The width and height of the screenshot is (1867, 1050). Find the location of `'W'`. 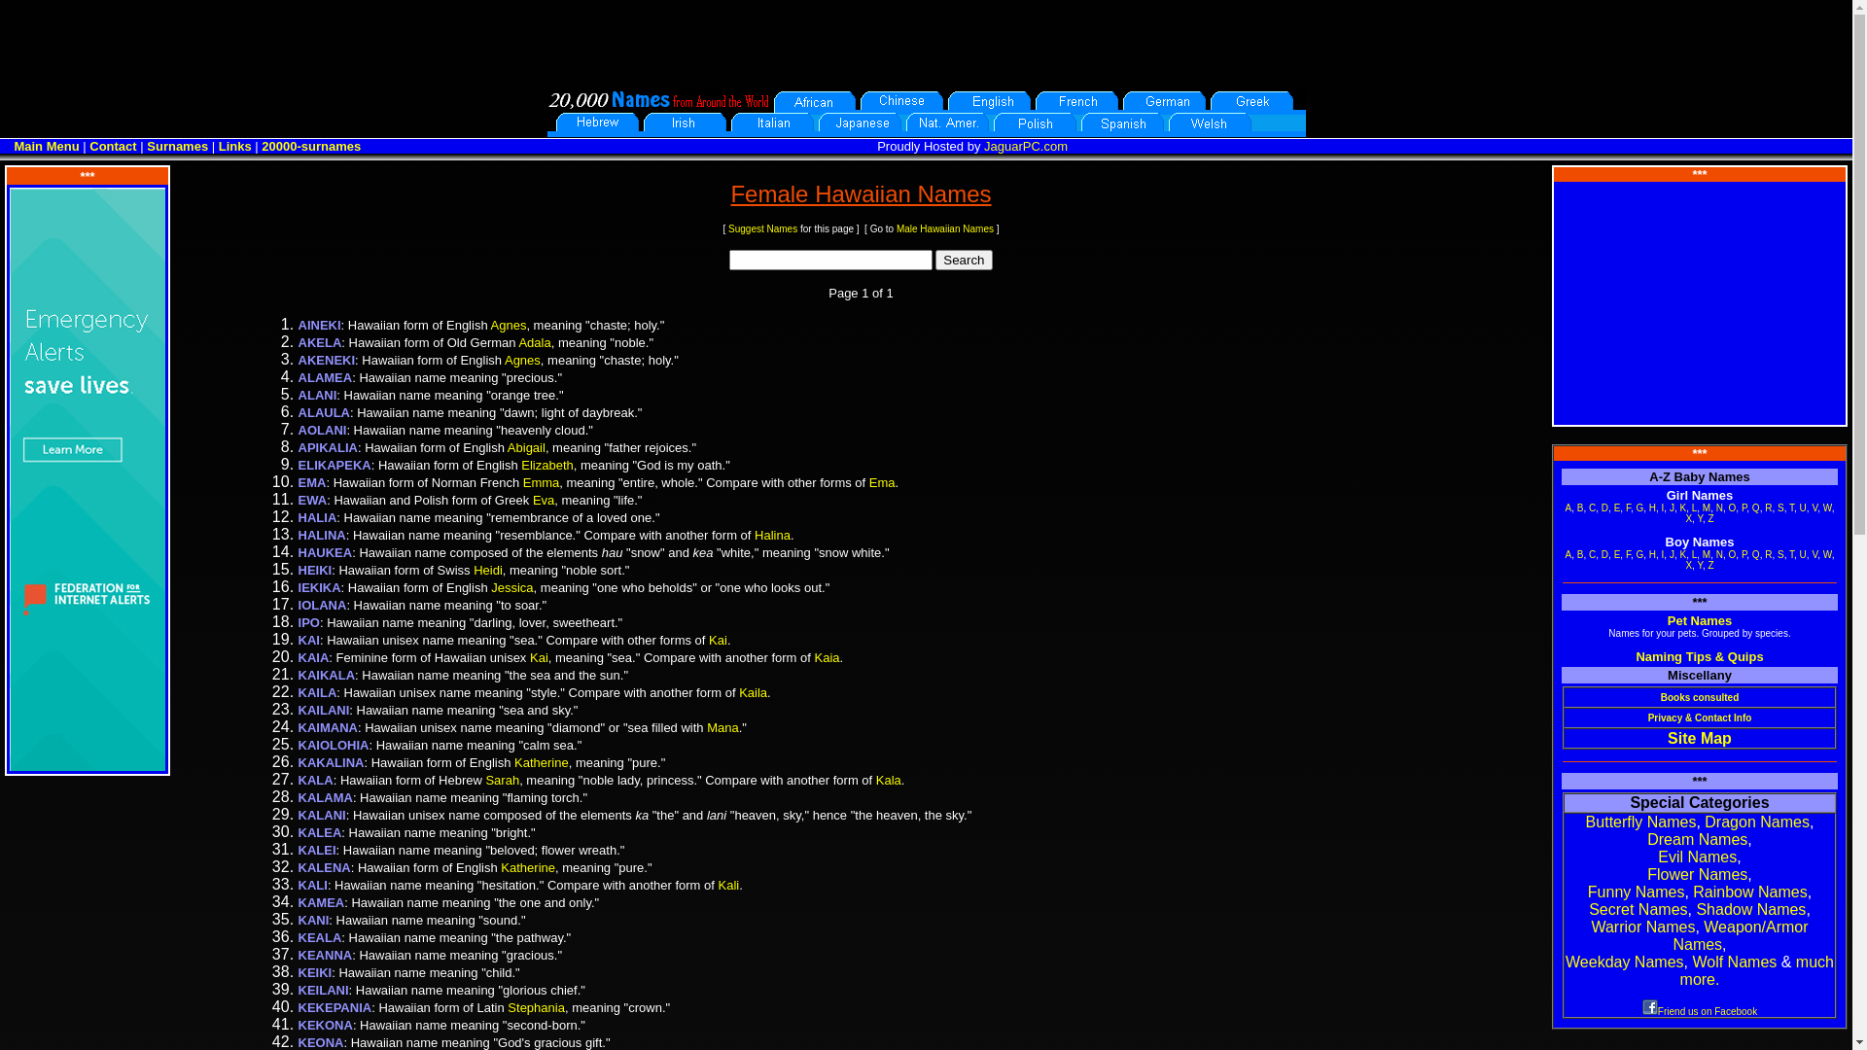

'W' is located at coordinates (1826, 554).